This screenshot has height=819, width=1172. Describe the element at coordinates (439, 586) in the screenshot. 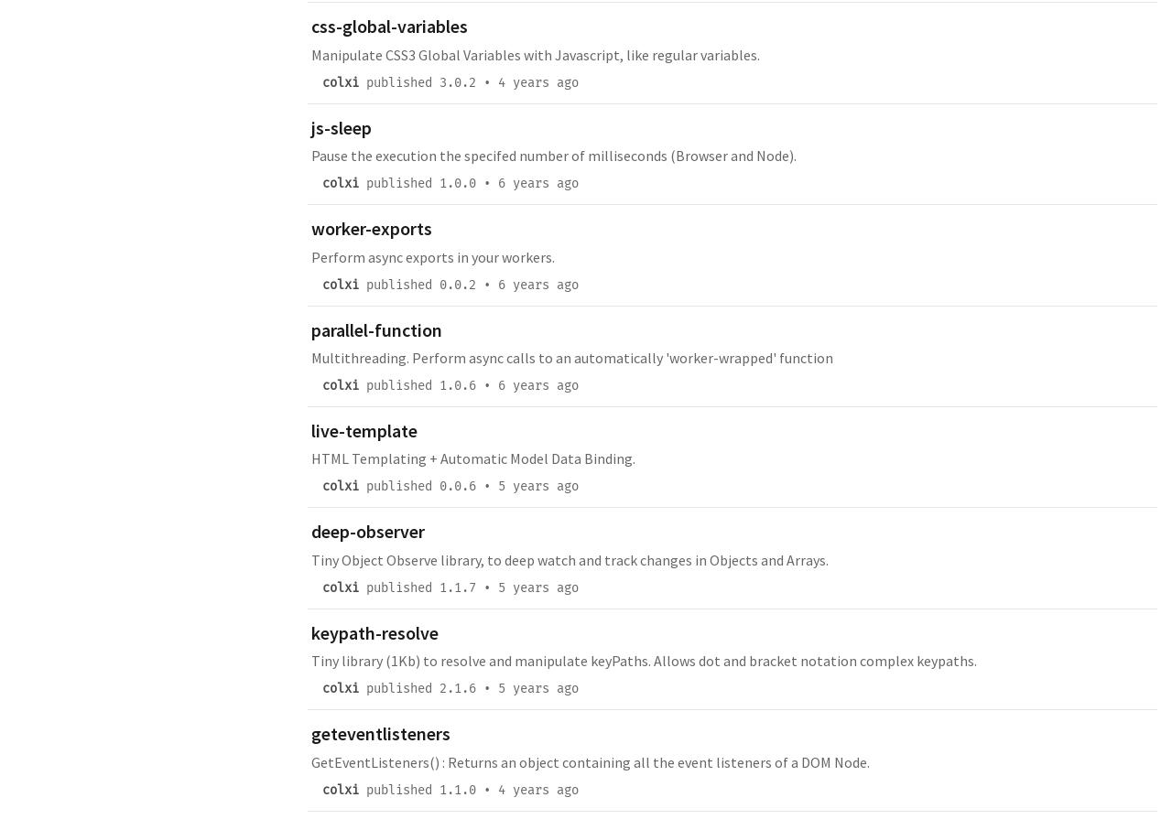

I see `'1.1.7'` at that location.